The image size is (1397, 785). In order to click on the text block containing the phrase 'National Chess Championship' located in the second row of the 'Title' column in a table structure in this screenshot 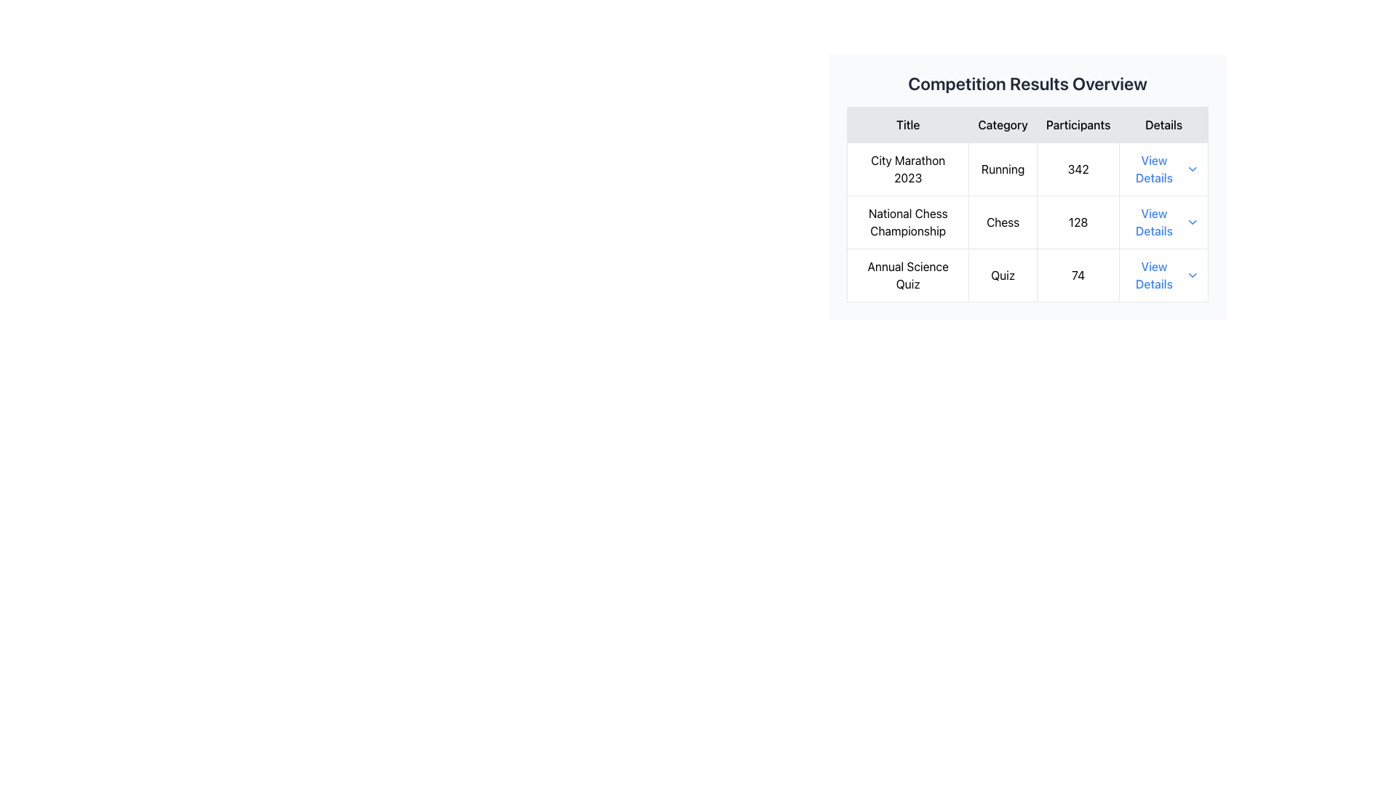, I will do `click(907, 222)`.